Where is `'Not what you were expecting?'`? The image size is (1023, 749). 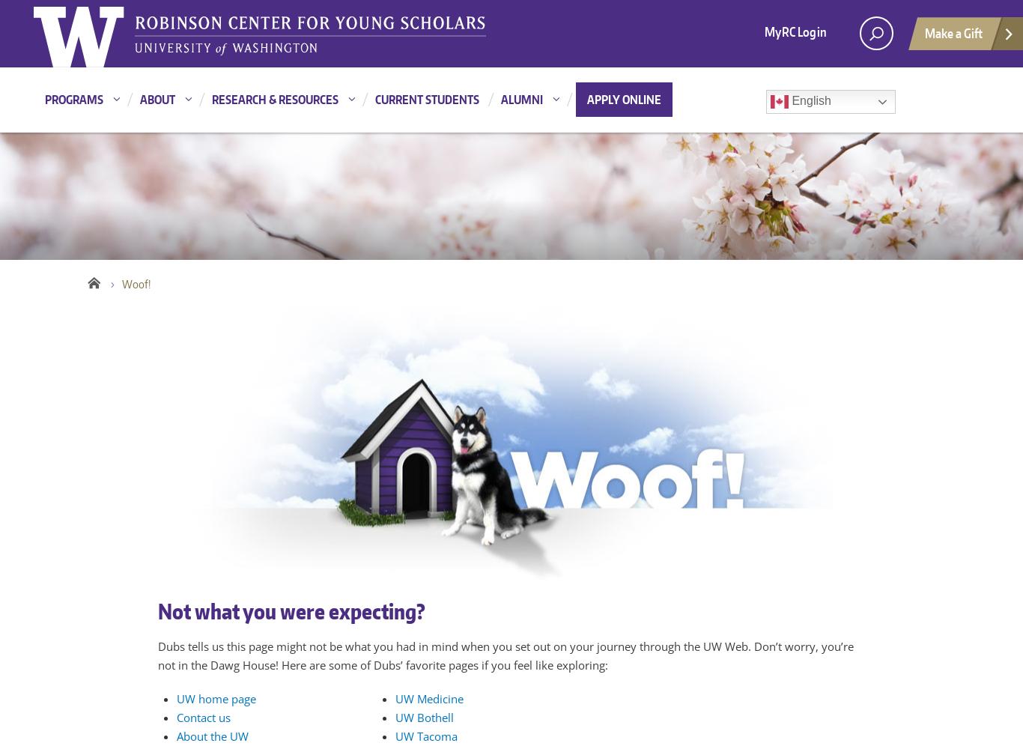
'Not what you were expecting?' is located at coordinates (290, 610).